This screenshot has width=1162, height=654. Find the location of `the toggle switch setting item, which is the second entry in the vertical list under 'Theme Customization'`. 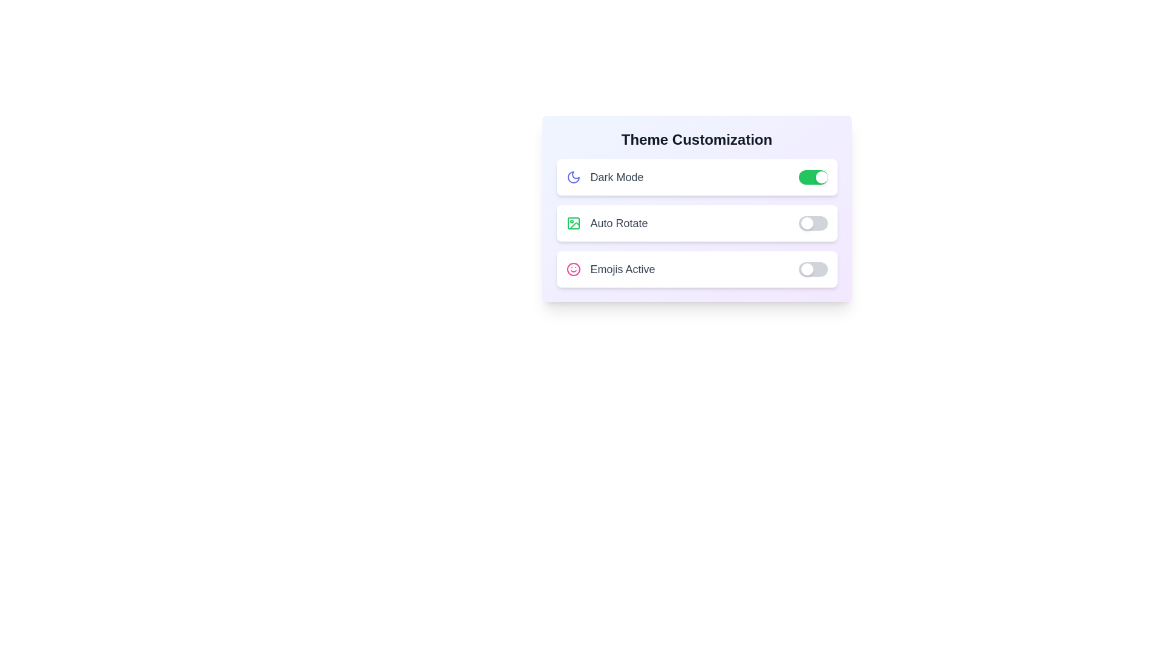

the toggle switch setting item, which is the second entry in the vertical list under 'Theme Customization' is located at coordinates (697, 223).